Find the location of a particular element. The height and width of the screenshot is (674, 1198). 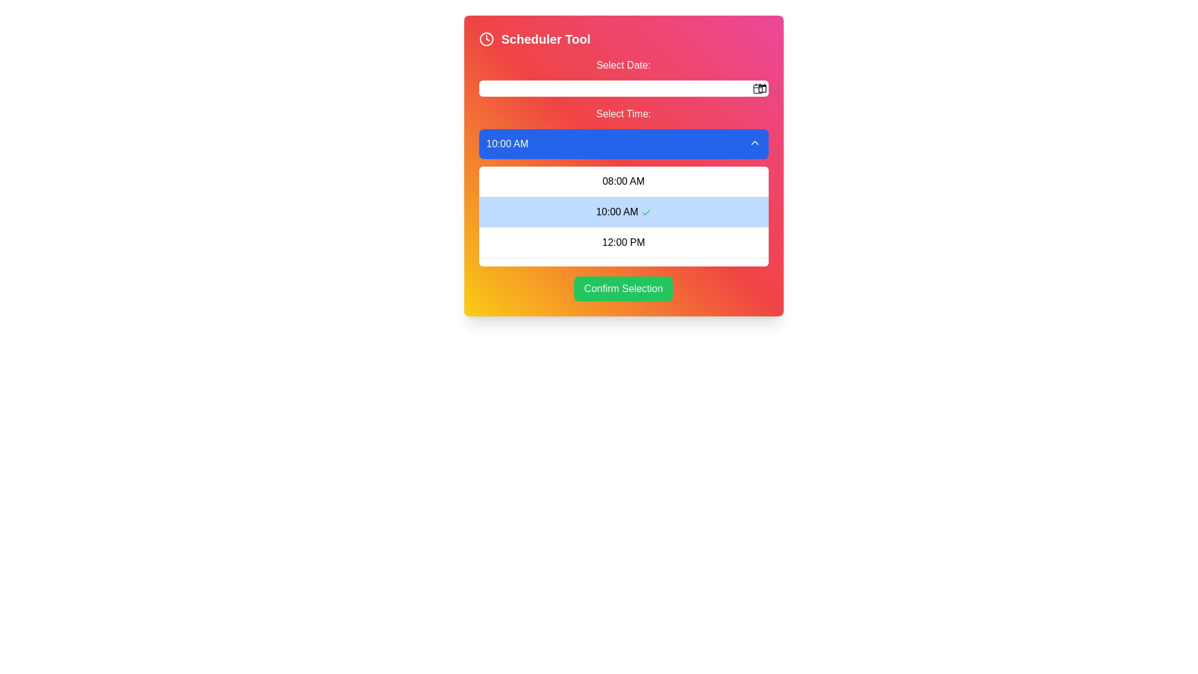

the highlighted text element displaying '08:00 AM' is located at coordinates (623, 181).